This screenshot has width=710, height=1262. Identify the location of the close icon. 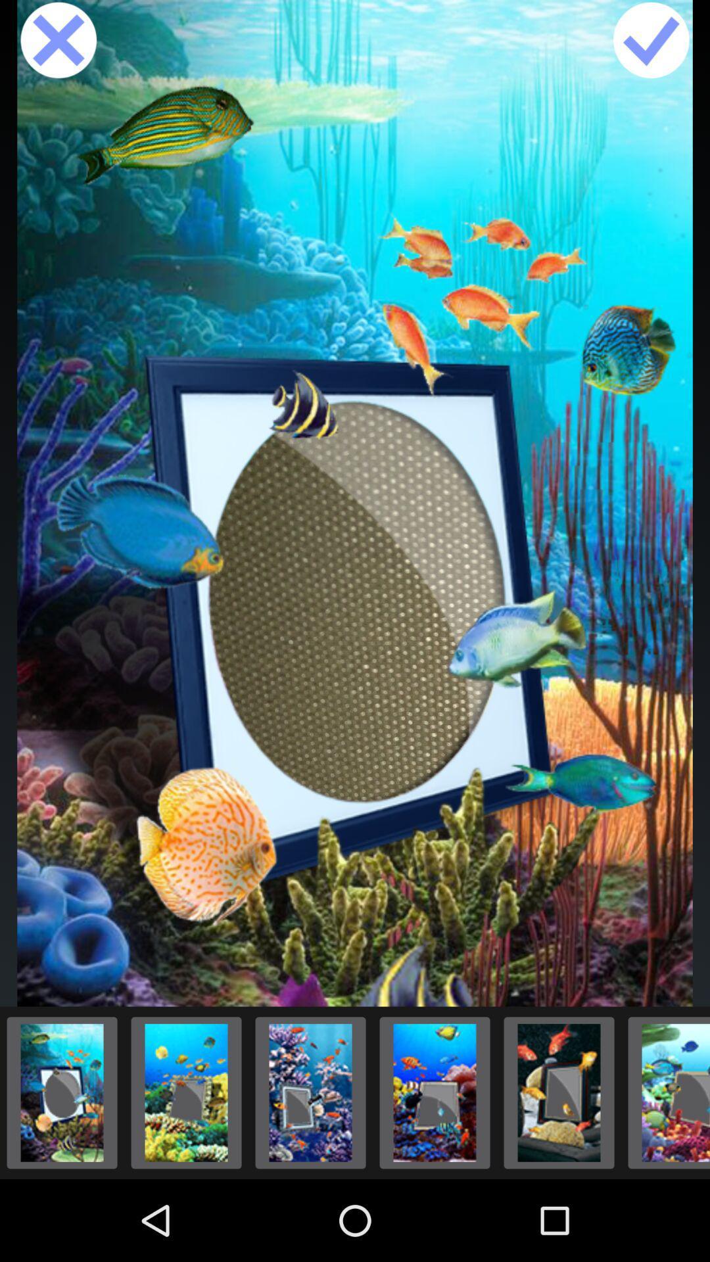
(58, 44).